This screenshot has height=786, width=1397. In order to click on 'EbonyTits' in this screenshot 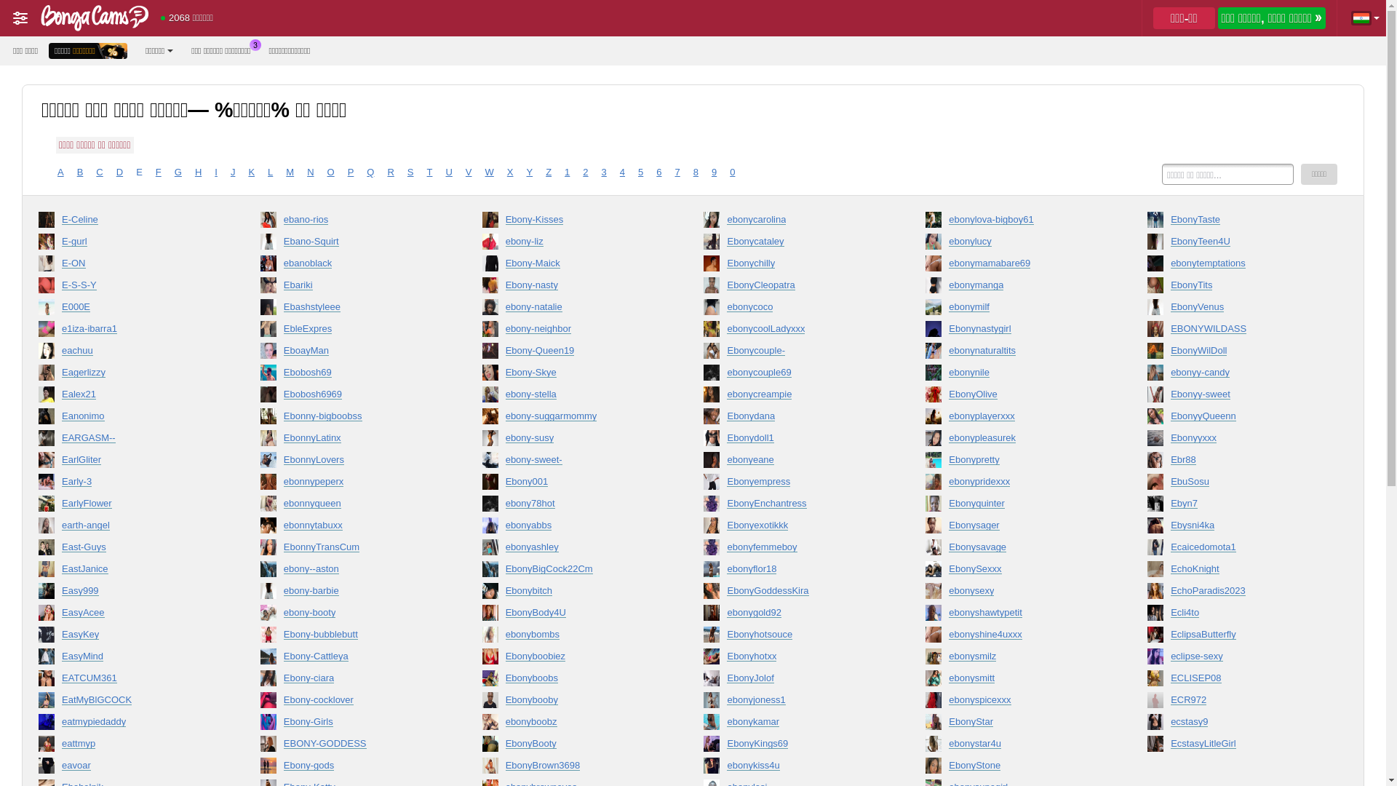, I will do `click(1236, 288)`.